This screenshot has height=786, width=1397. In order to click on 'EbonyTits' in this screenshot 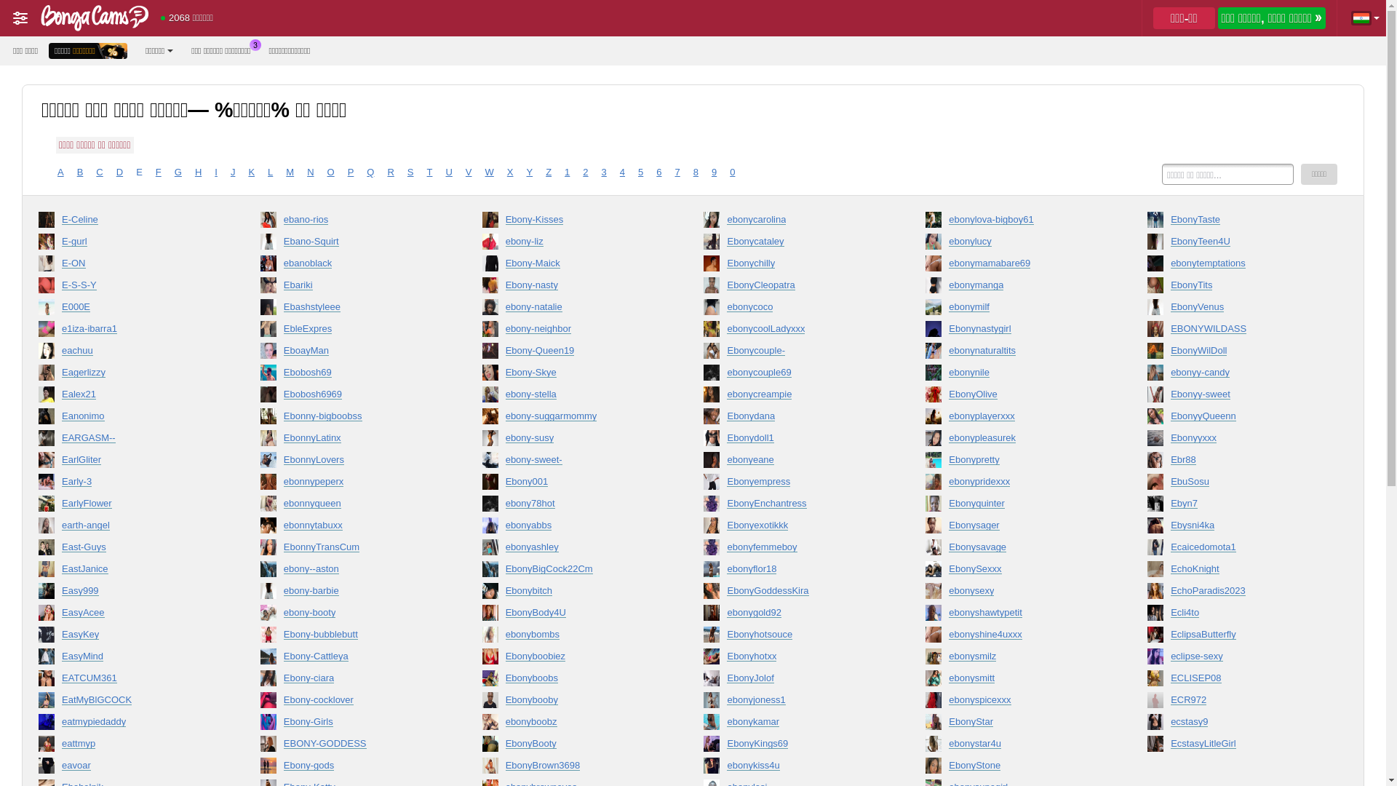, I will do `click(1236, 288)`.